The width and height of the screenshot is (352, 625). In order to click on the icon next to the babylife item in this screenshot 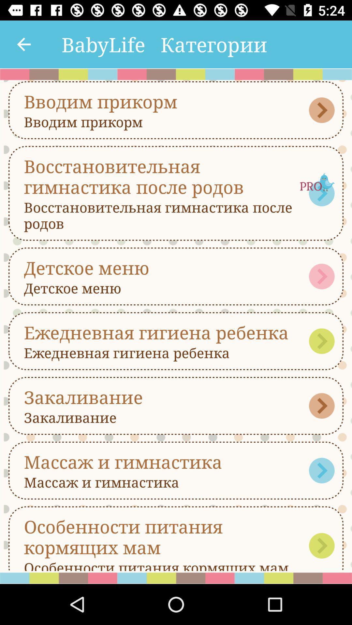, I will do `click(23, 44)`.